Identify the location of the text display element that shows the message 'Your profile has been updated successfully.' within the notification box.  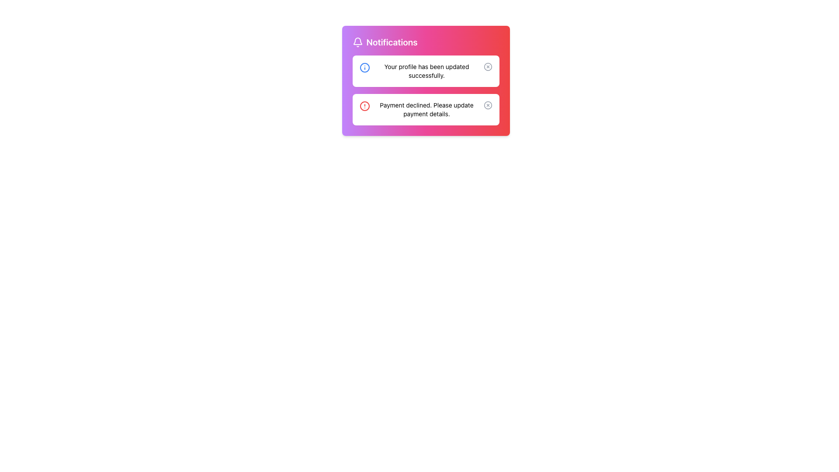
(426, 70).